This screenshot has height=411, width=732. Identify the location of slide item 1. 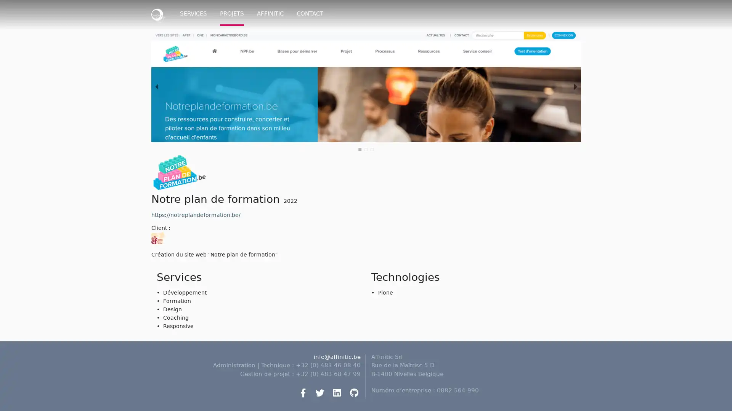
(360, 196).